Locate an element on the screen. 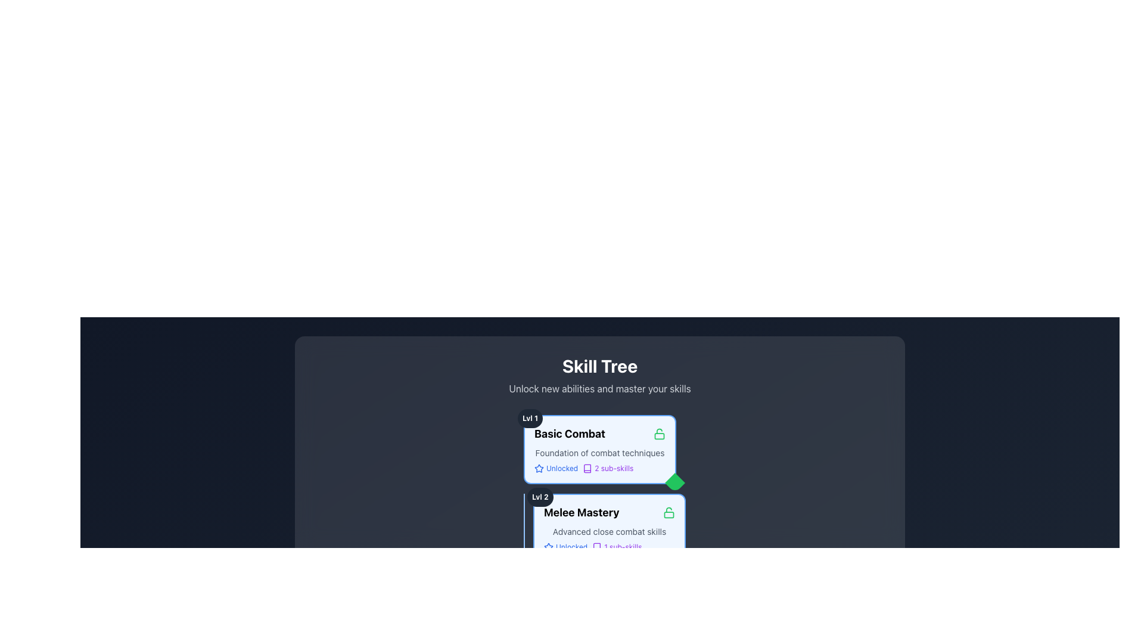 This screenshot has height=644, width=1144. the surrounding area of the 'Basic Combat' status indicator text label is located at coordinates (561, 468).